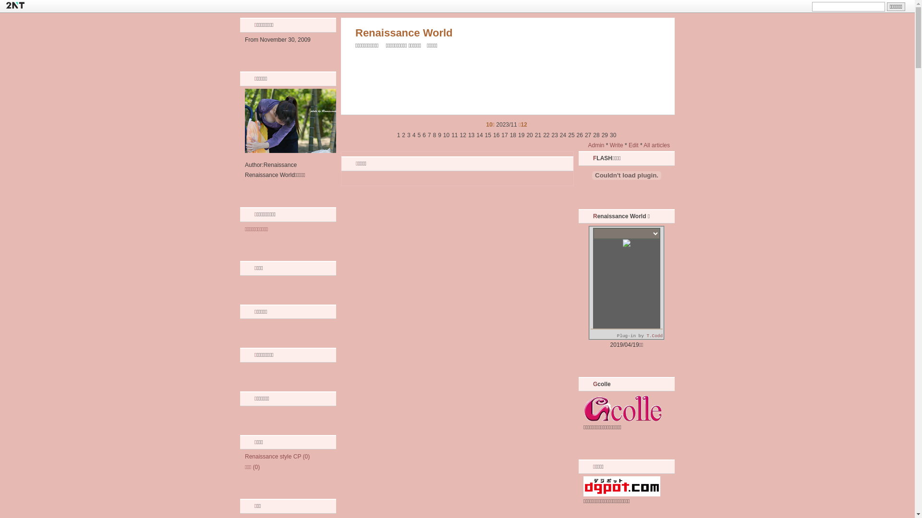 This screenshot has width=922, height=518. I want to click on 'Edit', so click(633, 145).